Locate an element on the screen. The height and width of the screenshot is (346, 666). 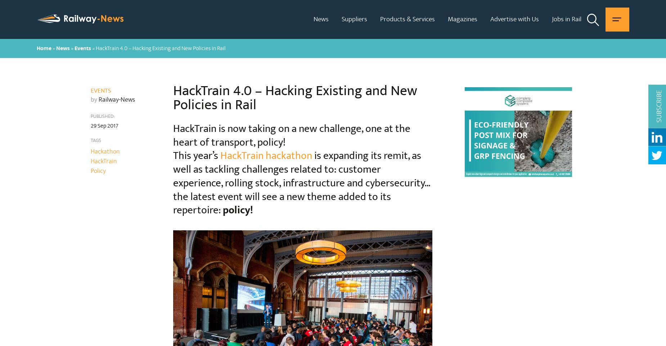
'Hackathon' is located at coordinates (90, 151).